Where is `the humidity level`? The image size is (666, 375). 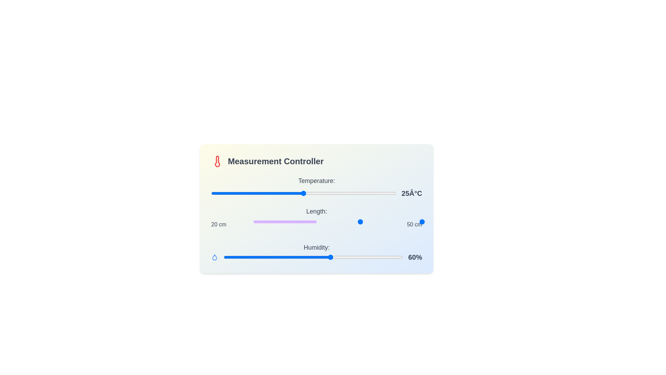 the humidity level is located at coordinates (363, 257).